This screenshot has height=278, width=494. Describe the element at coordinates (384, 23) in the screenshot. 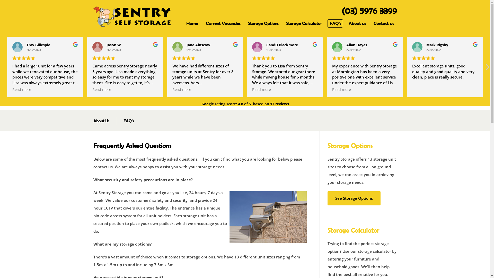

I see `'Contact us'` at that location.